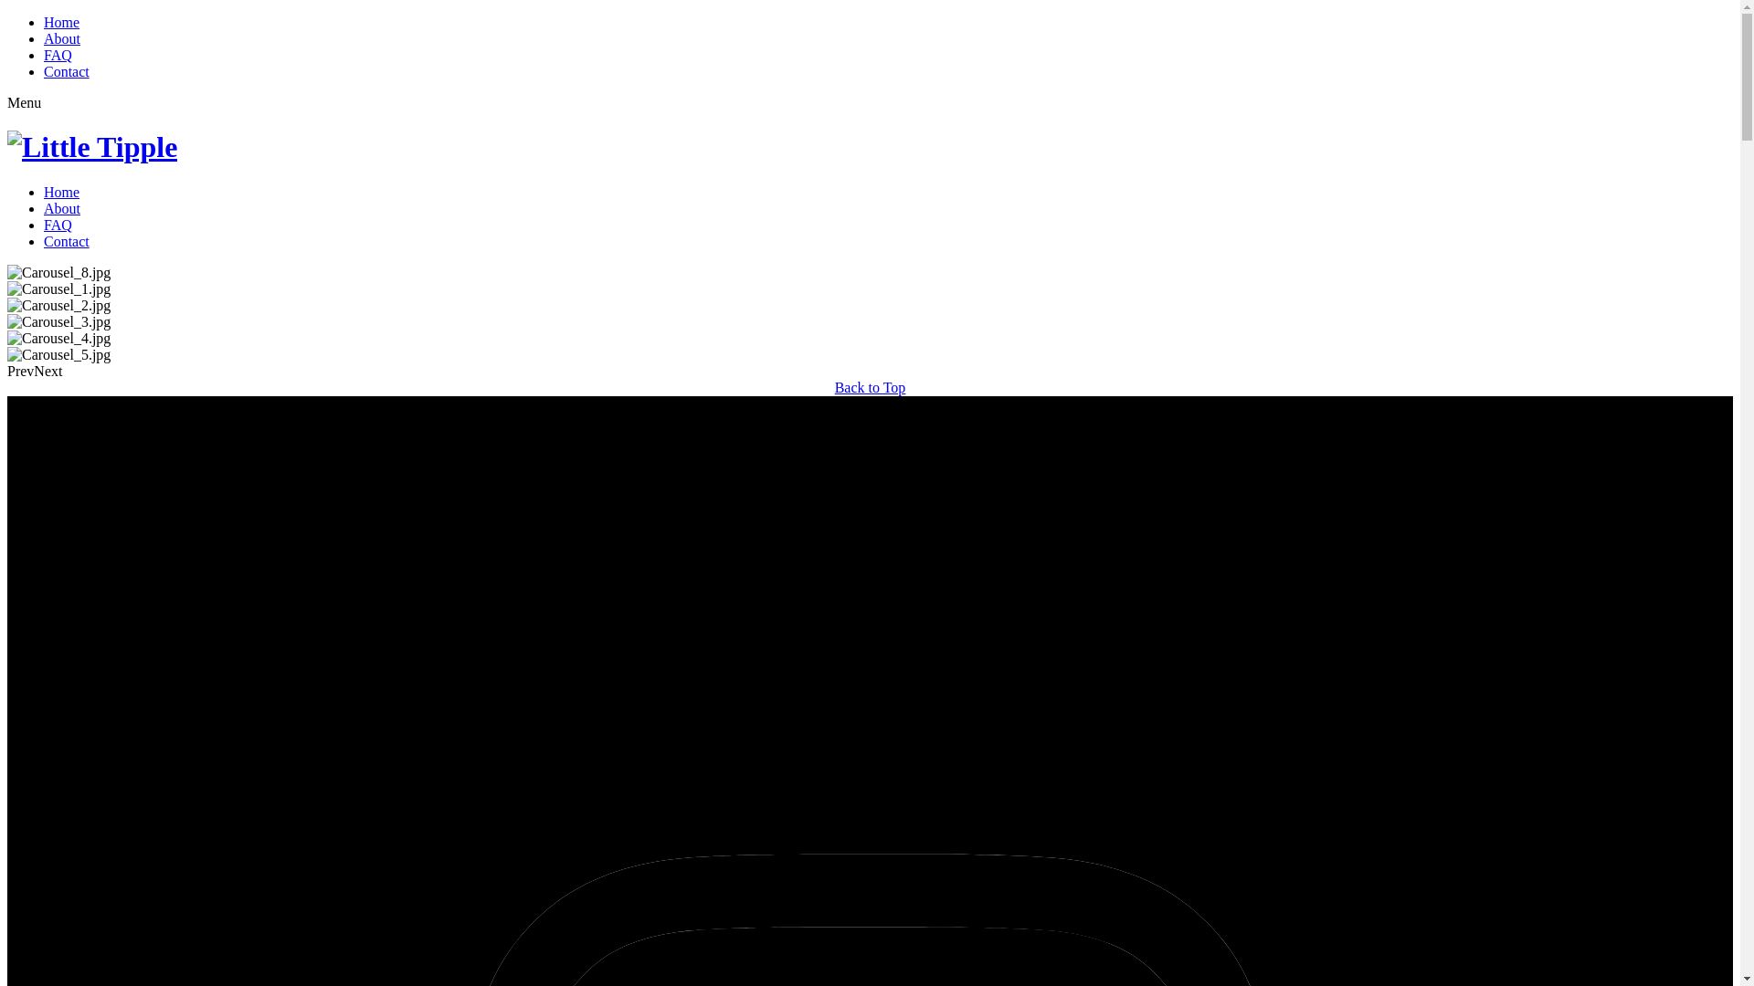 This screenshot has width=1754, height=986. What do you see at coordinates (61, 38) in the screenshot?
I see `'About'` at bounding box center [61, 38].